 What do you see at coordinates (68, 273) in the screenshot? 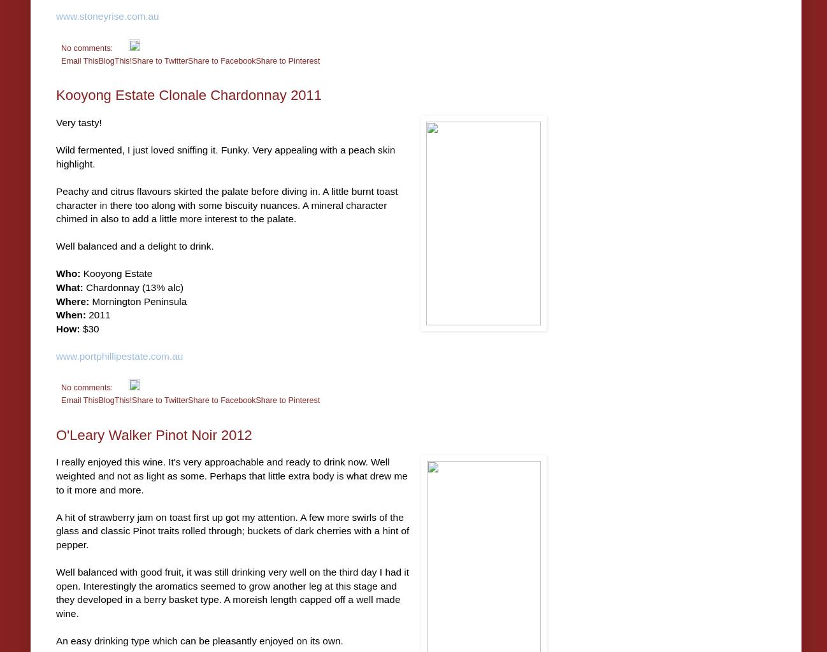
I see `'Who:'` at bounding box center [68, 273].